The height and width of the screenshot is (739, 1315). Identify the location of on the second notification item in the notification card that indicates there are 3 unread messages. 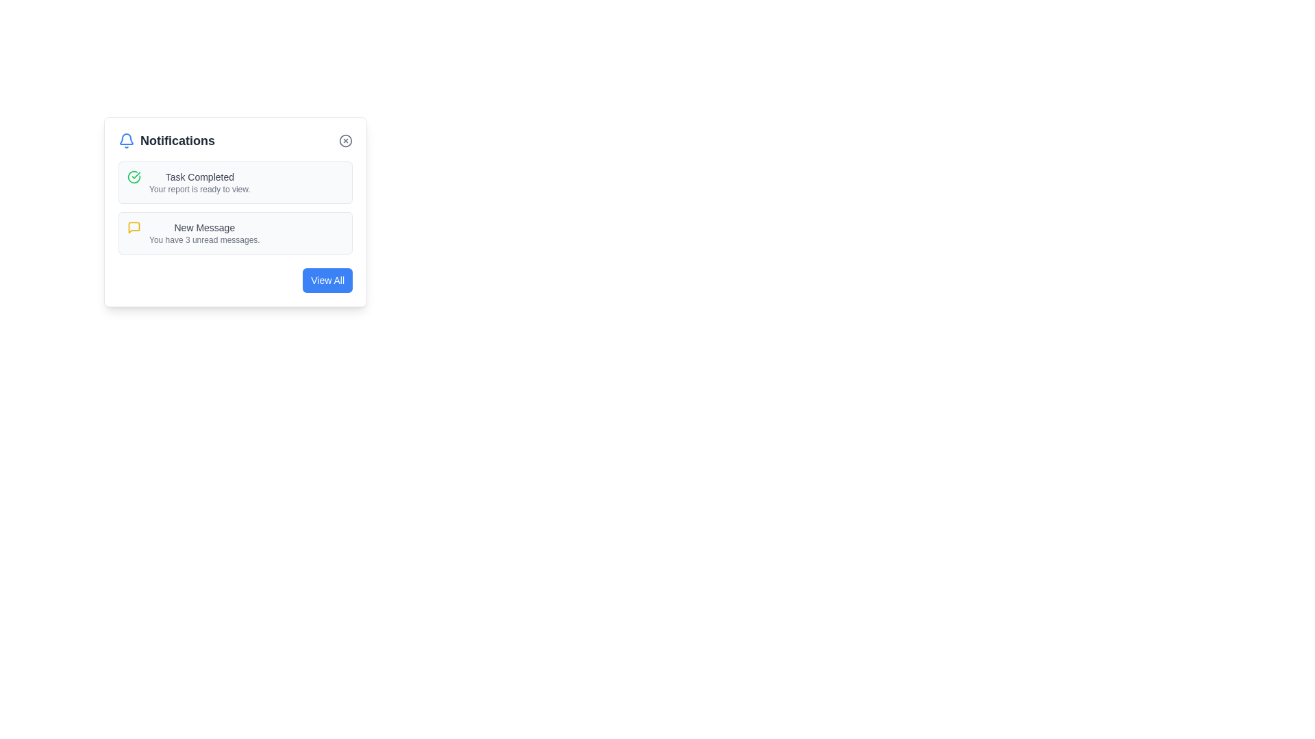
(236, 232).